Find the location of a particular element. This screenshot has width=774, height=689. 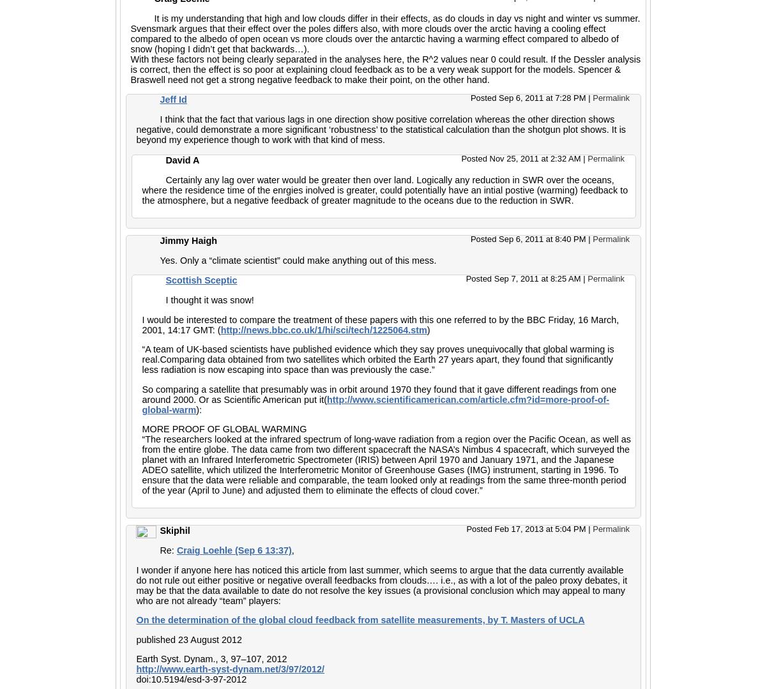

'http://www.earth-syst-dynam.net/3/97/2012/' is located at coordinates (229, 667).